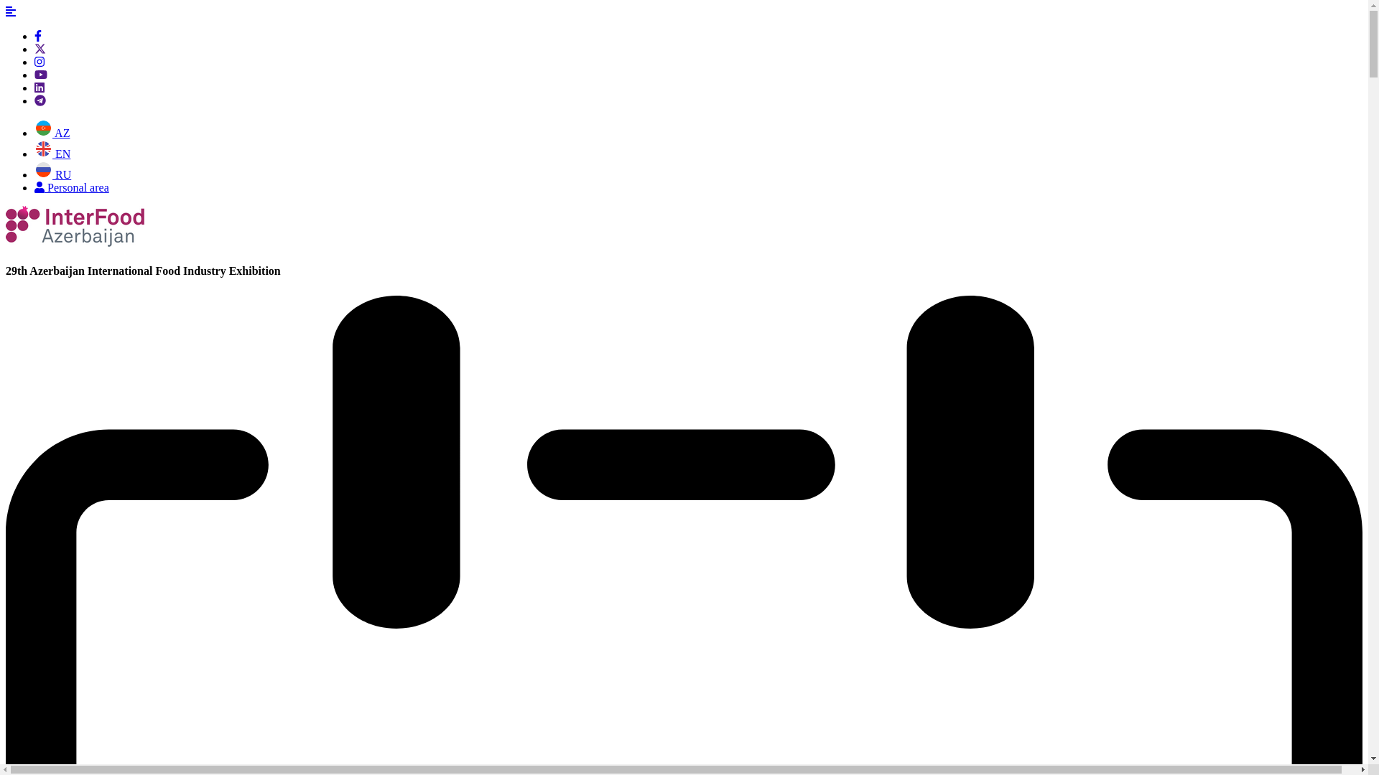 This screenshot has height=775, width=1379. Describe the element at coordinates (52, 154) in the screenshot. I see `'EN'` at that location.